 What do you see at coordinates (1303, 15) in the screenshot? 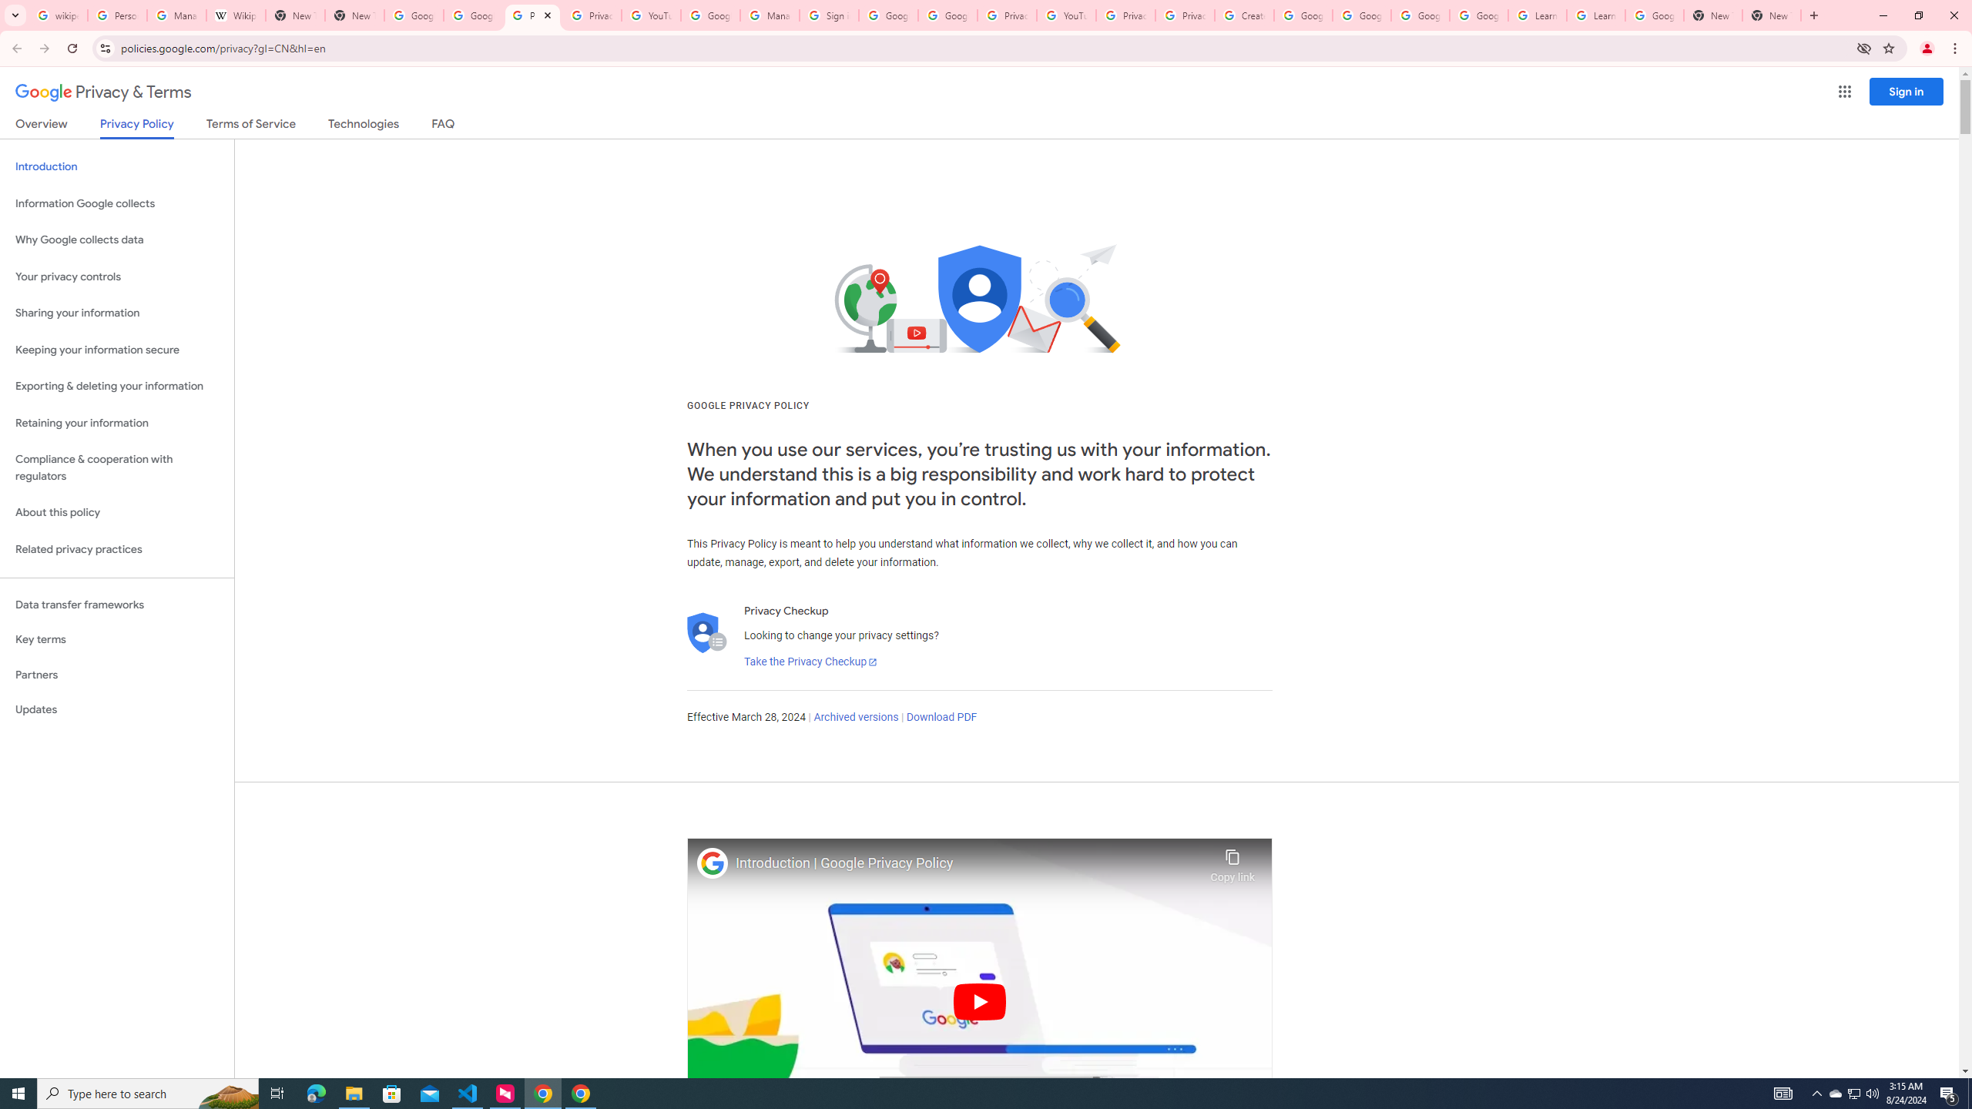
I see `'Google Account Help'` at bounding box center [1303, 15].